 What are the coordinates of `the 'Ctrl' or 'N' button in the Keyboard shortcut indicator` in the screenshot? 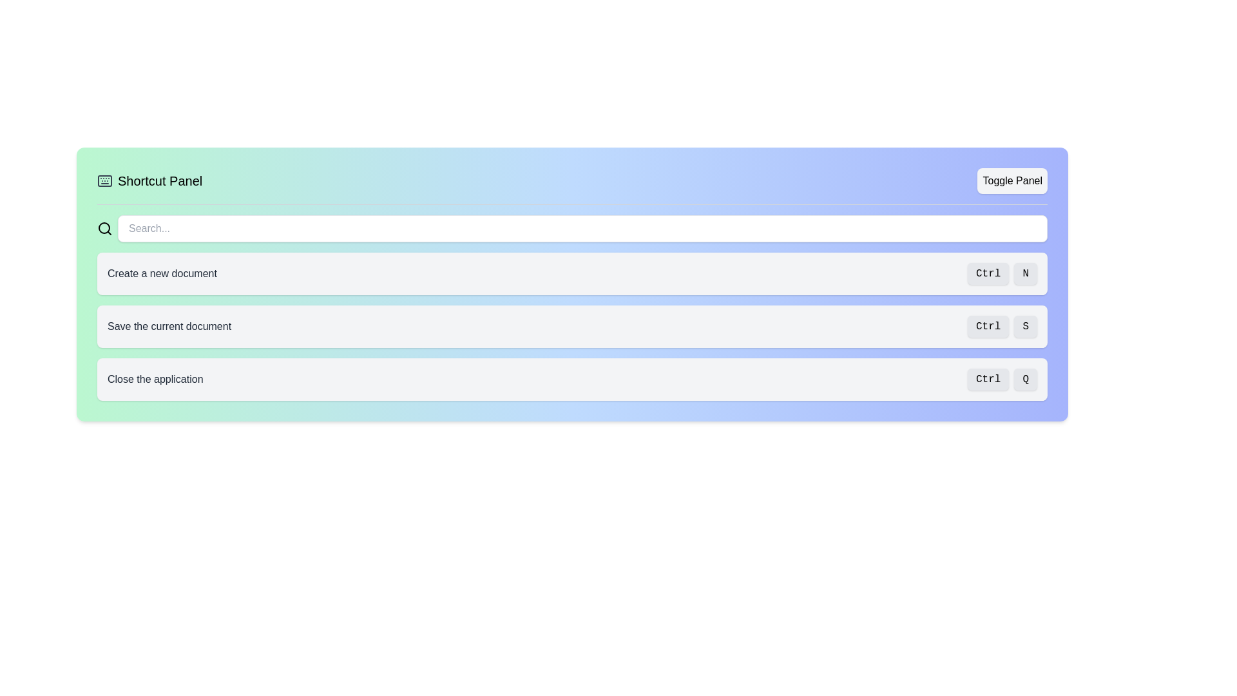 It's located at (1001, 273).